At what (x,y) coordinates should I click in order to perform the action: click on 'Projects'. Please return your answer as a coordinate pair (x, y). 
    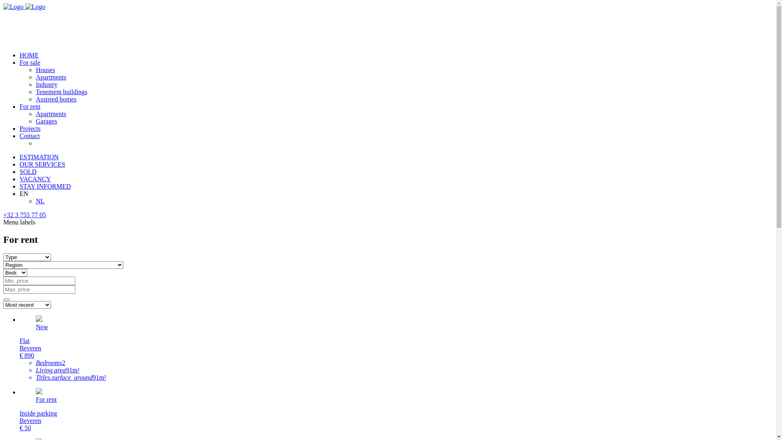
    Looking at the image, I should click on (30, 128).